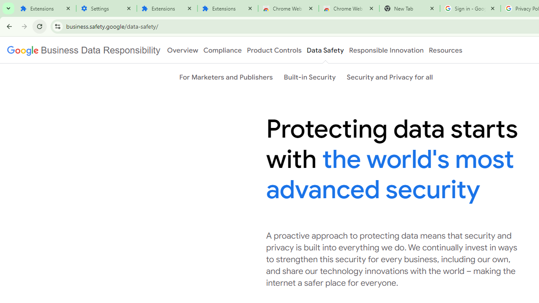 This screenshot has height=303, width=539. What do you see at coordinates (182, 50) in the screenshot?
I see `'Overview'` at bounding box center [182, 50].